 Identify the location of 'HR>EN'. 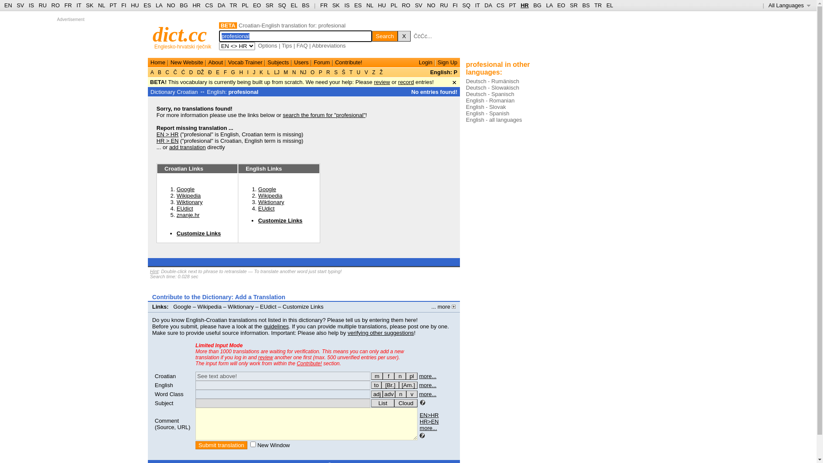
(429, 421).